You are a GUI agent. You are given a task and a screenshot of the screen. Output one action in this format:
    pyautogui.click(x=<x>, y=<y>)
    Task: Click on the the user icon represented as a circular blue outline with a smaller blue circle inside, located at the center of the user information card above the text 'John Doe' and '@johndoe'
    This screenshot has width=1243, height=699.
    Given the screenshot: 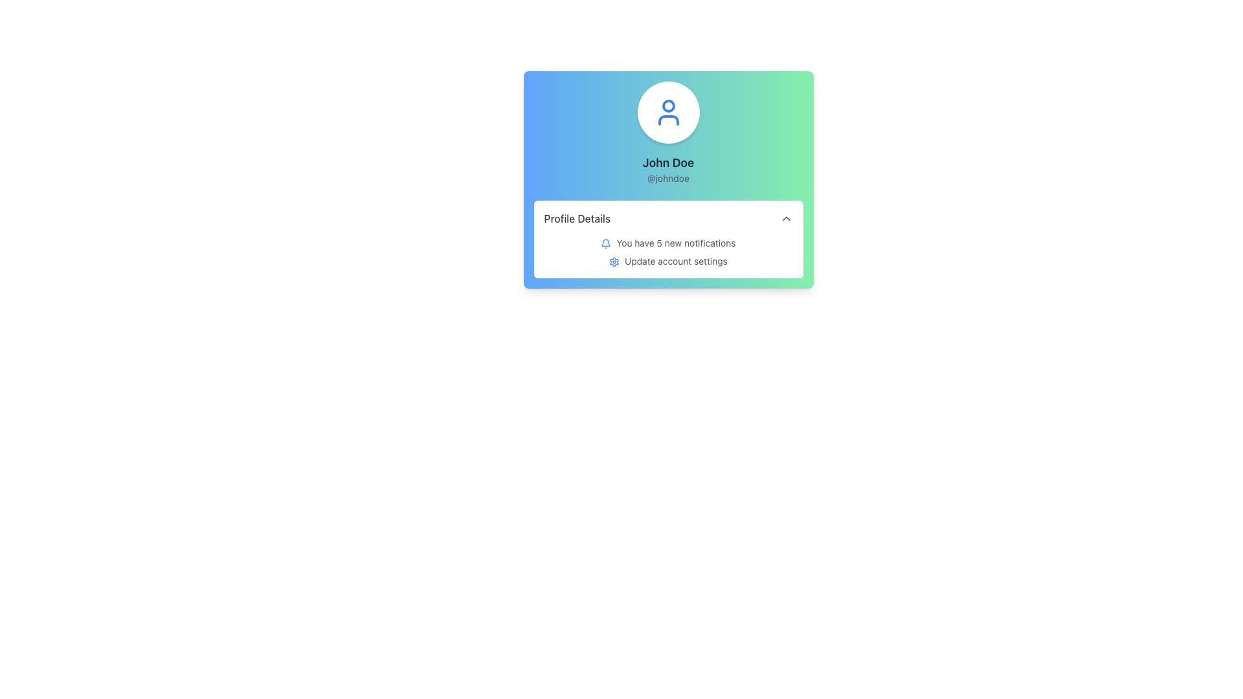 What is the action you would take?
    pyautogui.click(x=668, y=111)
    